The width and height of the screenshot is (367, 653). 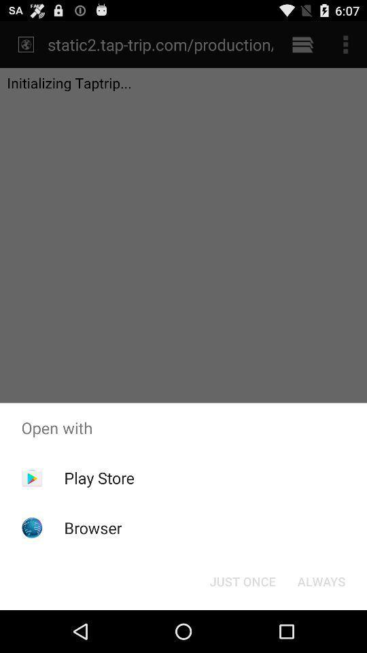 I want to click on the button at the bottom, so click(x=242, y=580).